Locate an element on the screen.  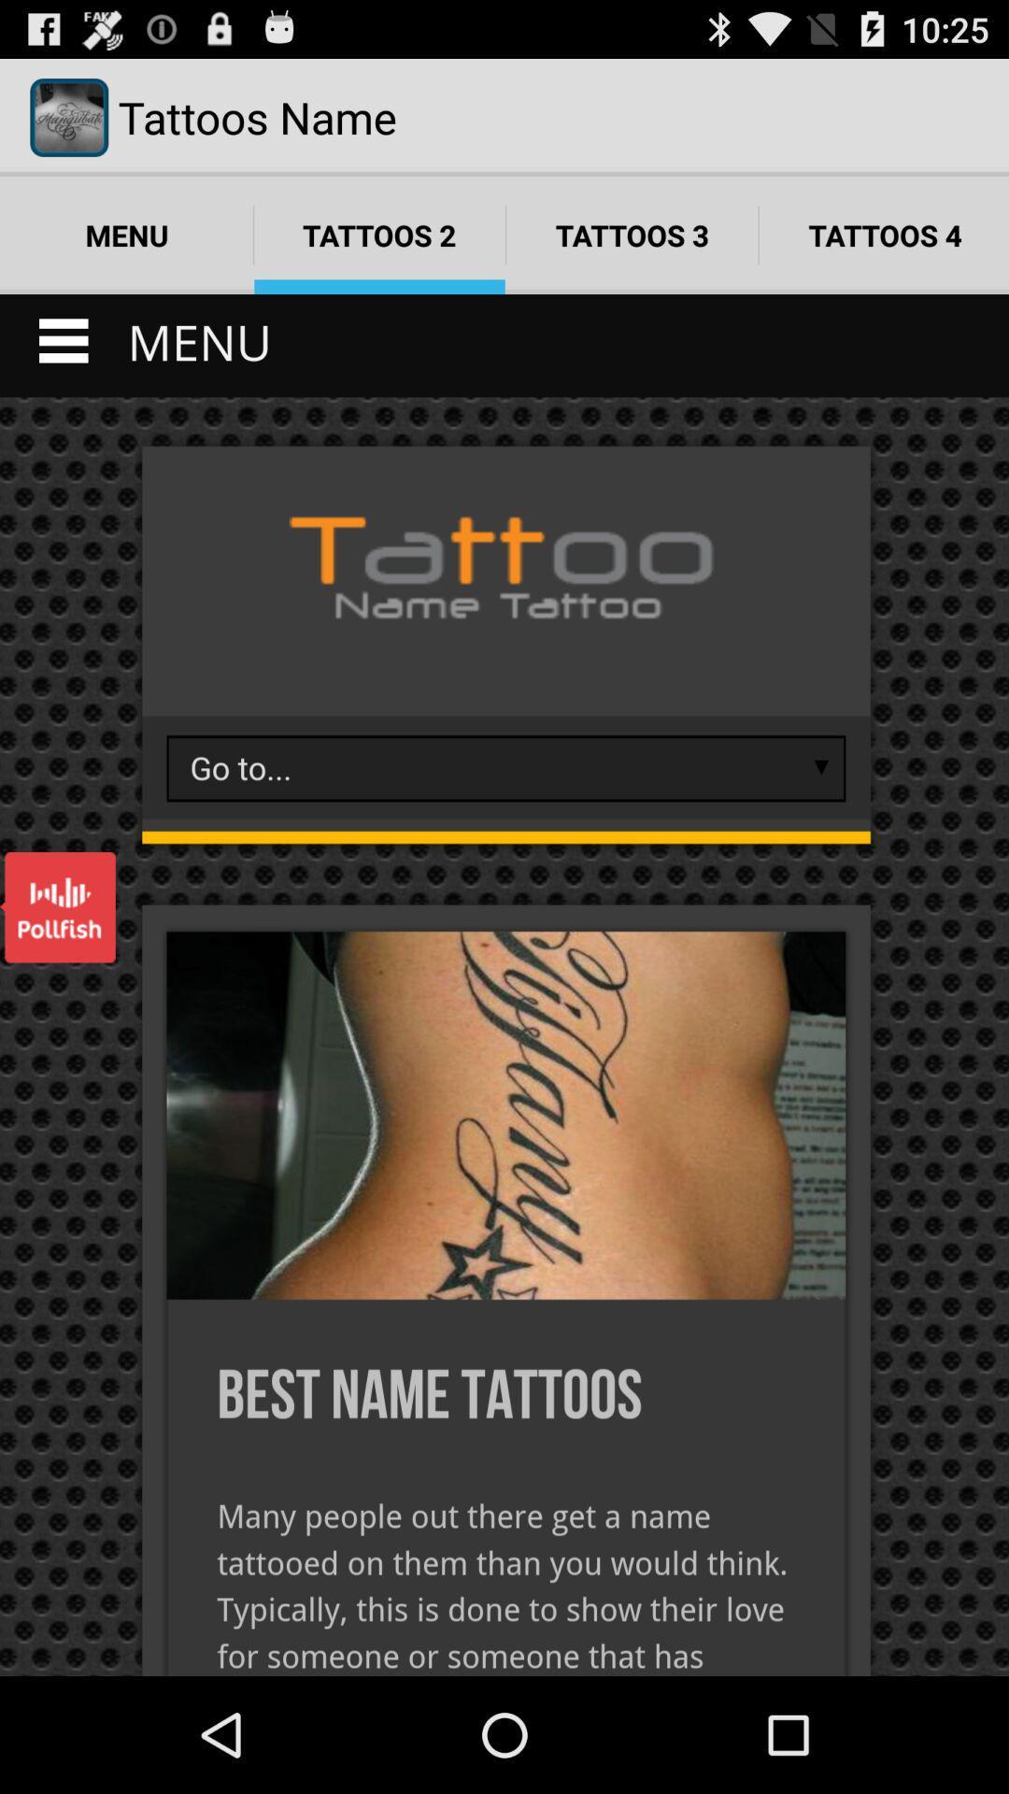
open the item is located at coordinates (56, 907).